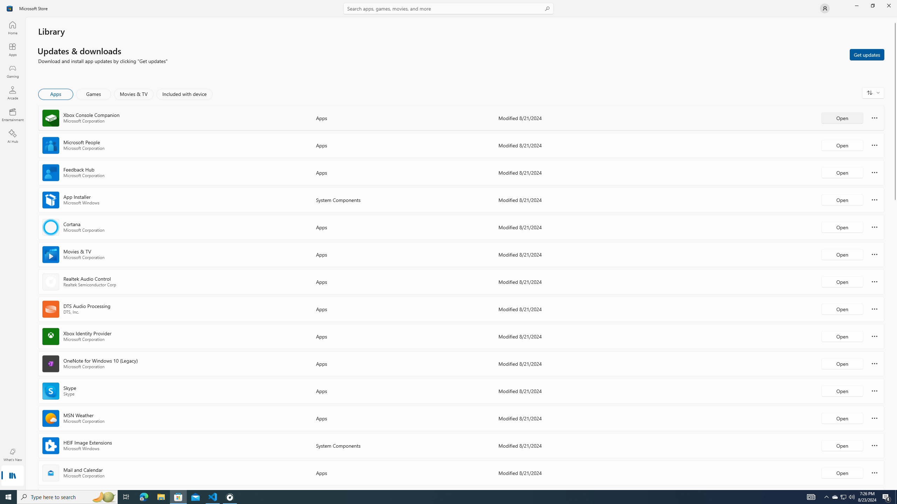 Image resolution: width=897 pixels, height=504 pixels. I want to click on 'Vertical Small Increase', so click(894, 488).